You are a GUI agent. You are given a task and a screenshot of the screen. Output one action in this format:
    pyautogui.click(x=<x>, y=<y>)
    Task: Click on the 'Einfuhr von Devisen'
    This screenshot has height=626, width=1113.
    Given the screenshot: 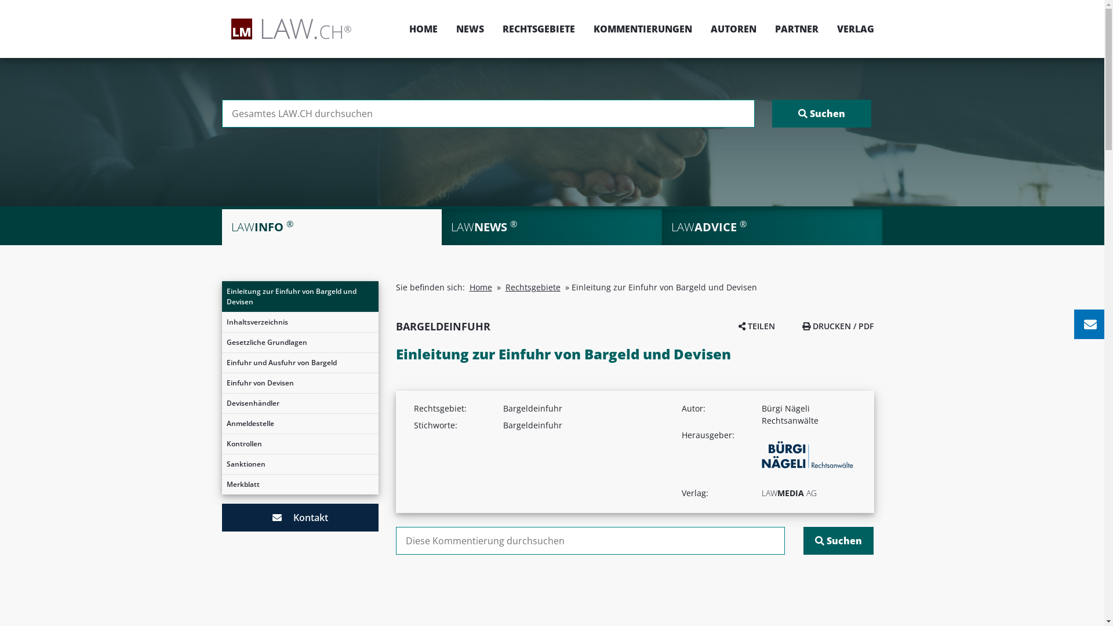 What is the action you would take?
    pyautogui.click(x=300, y=383)
    